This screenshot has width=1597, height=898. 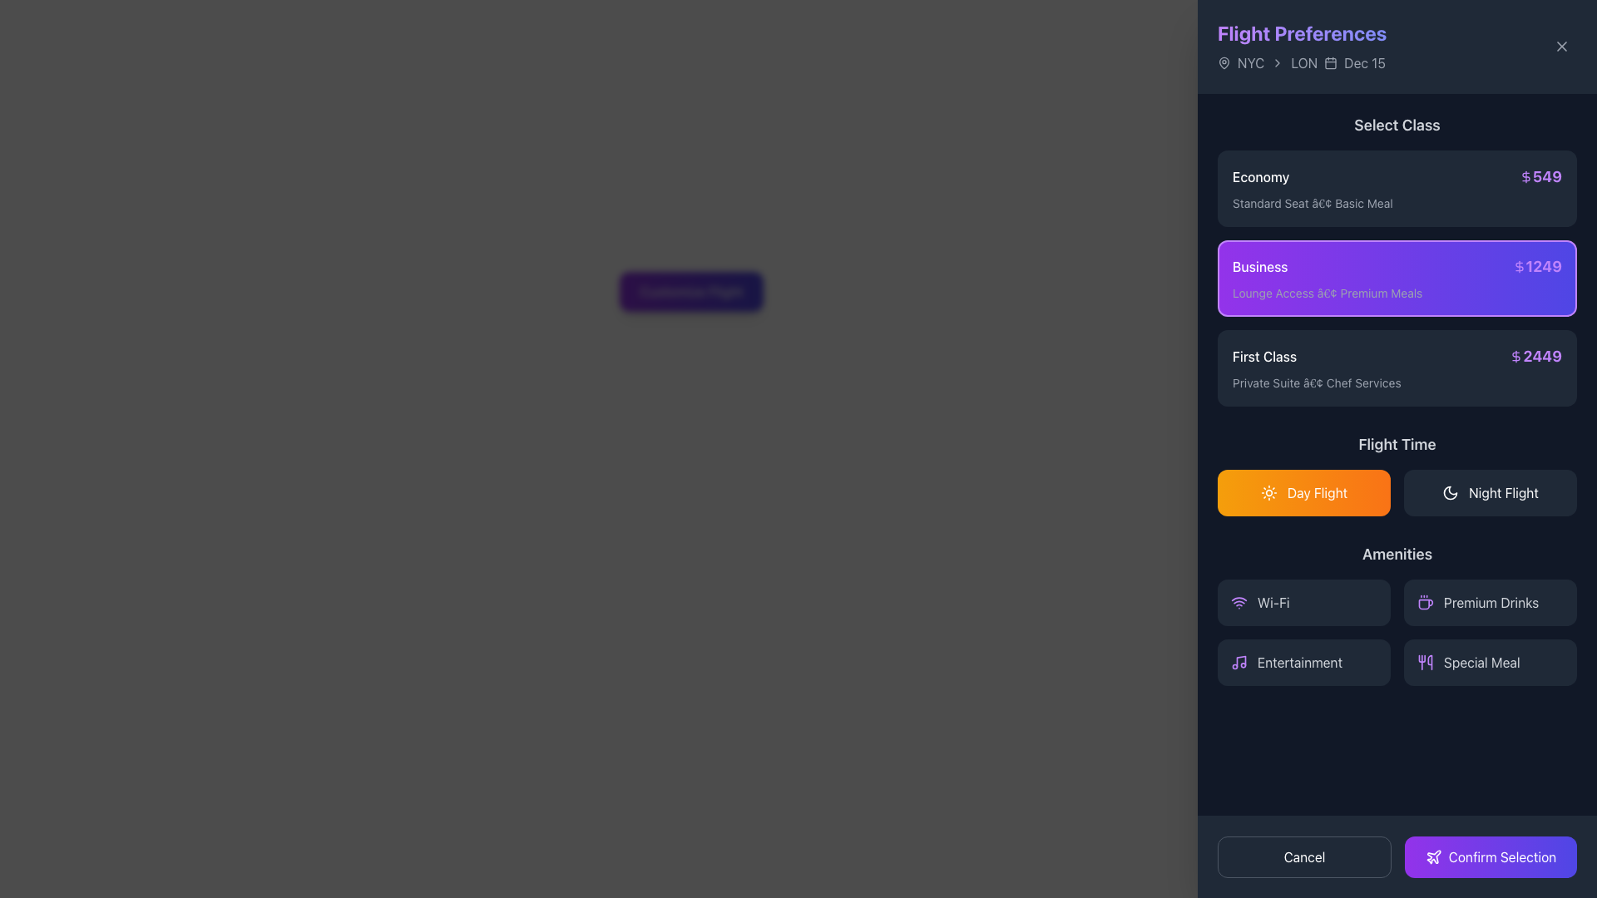 What do you see at coordinates (1331, 62) in the screenshot?
I see `the calendar icon located in the header section of the sidebar, positioned between the labels 'NYC' and 'LON', and before the text 'Dec 15'` at bounding box center [1331, 62].